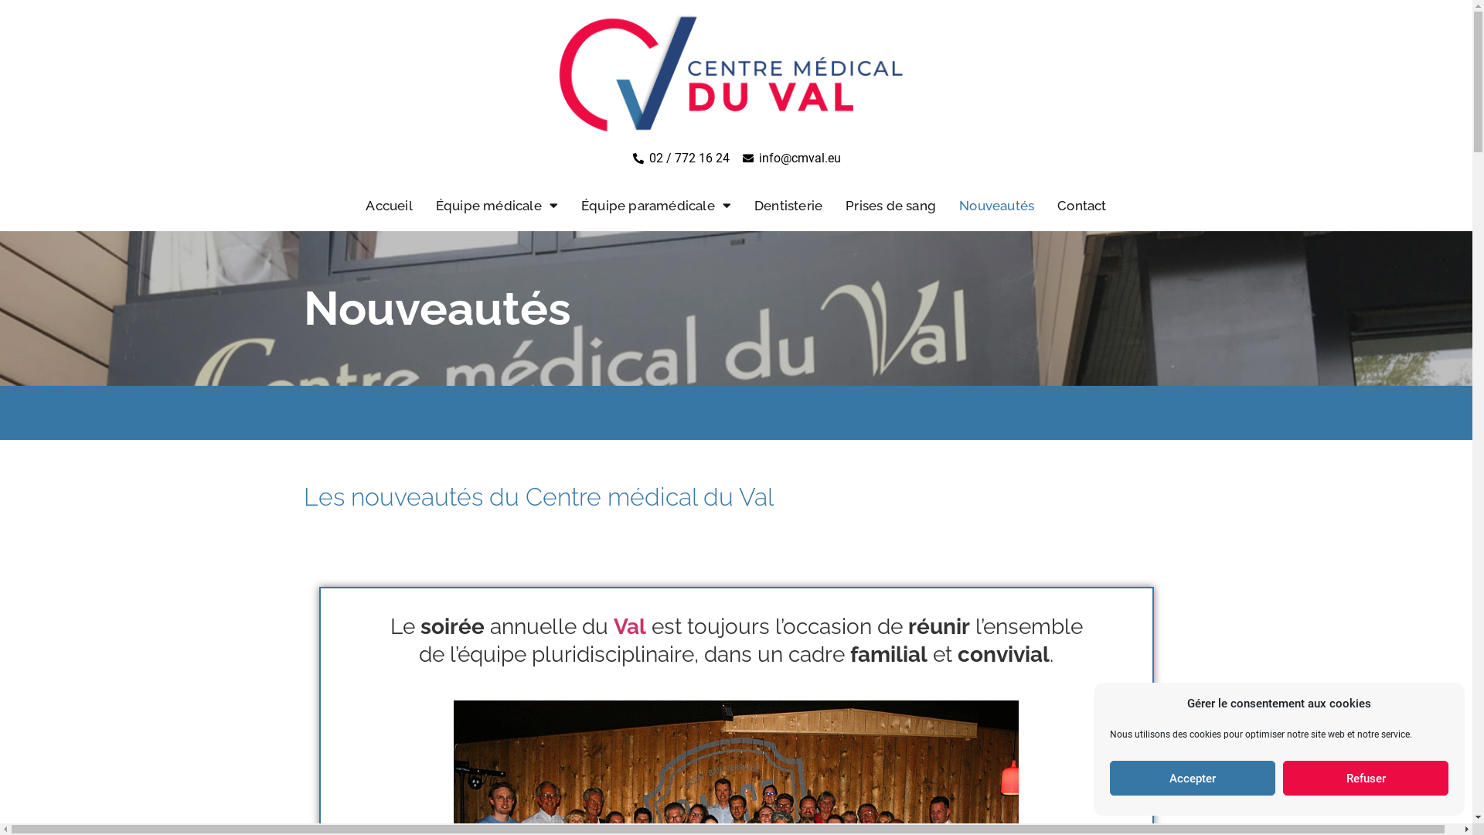 Image resolution: width=1484 pixels, height=835 pixels. I want to click on 'info@cmval.eu', so click(742, 158).